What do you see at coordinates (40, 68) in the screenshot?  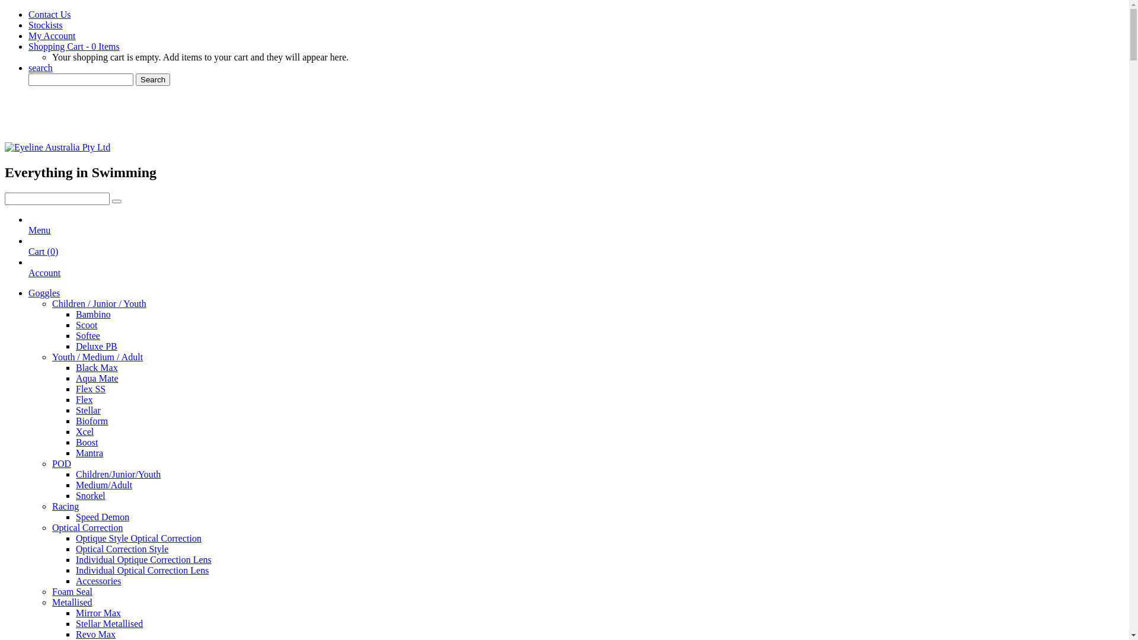 I see `'search'` at bounding box center [40, 68].